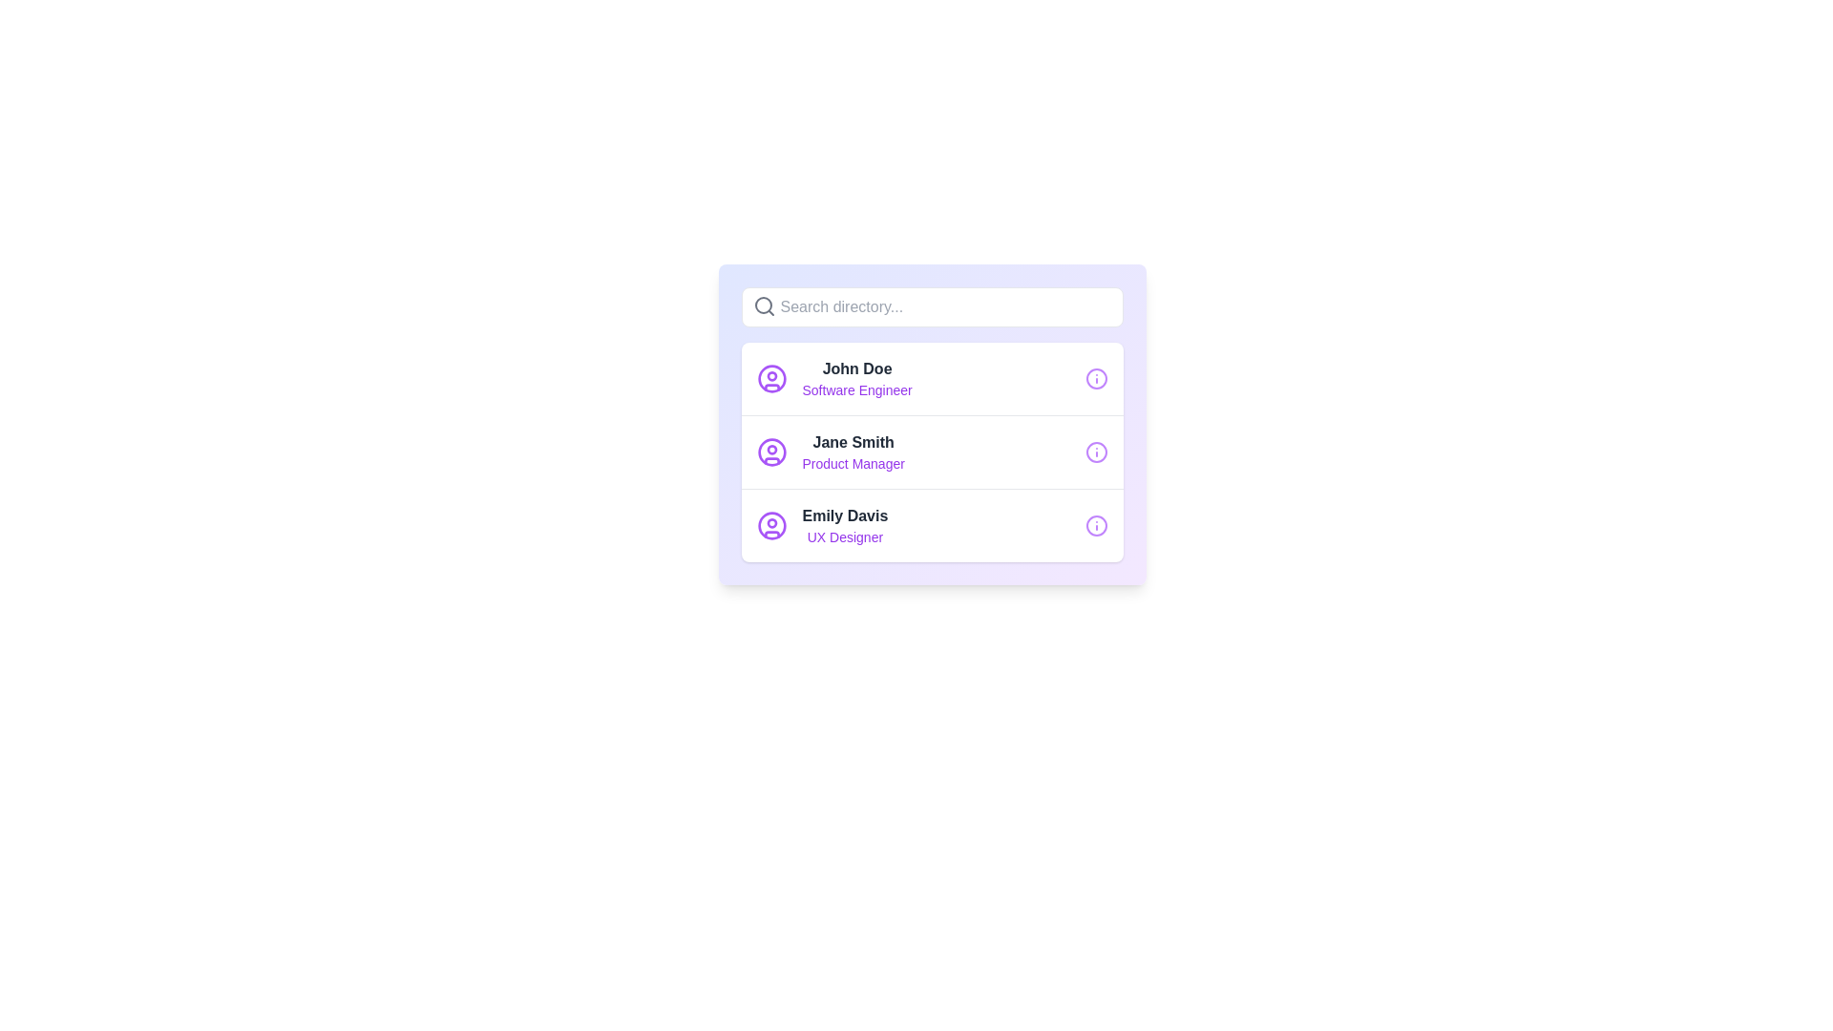 The width and height of the screenshot is (1833, 1031). What do you see at coordinates (771, 379) in the screenshot?
I see `the outermost decorative SVG circle of the user icon next to the 'John Doe' entry in the user directory list` at bounding box center [771, 379].